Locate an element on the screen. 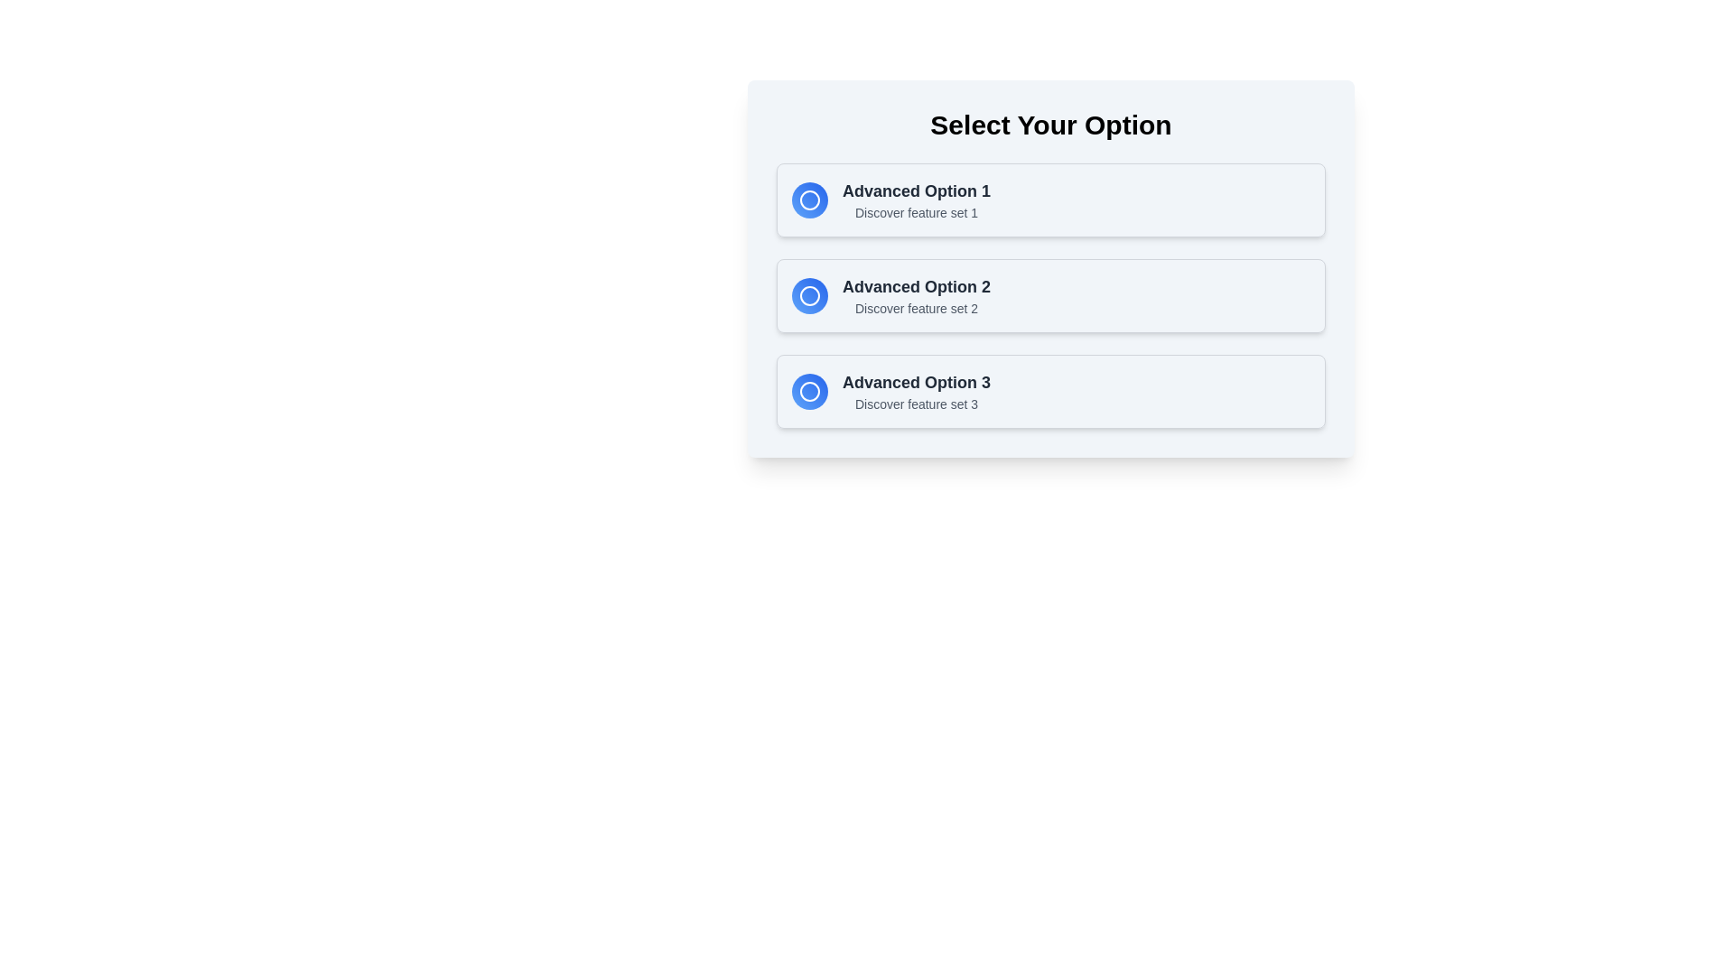 This screenshot has width=1734, height=975. the text label reading 'Discover feature set 2', which is styled in a small gray font and positioned below 'Advanced Option 2' is located at coordinates (917, 308).